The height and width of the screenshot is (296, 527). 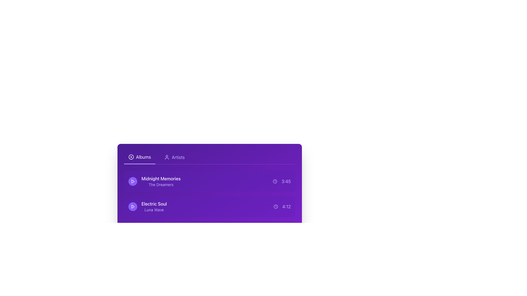 What do you see at coordinates (161, 178) in the screenshot?
I see `the text label displaying 'Midnight Memories', which is styled in white on a purple background and is part of the music track list, positioned above 'The Dreamers'` at bounding box center [161, 178].